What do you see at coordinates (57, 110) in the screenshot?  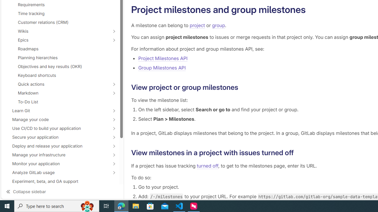 I see `'Learn Git'` at bounding box center [57, 110].